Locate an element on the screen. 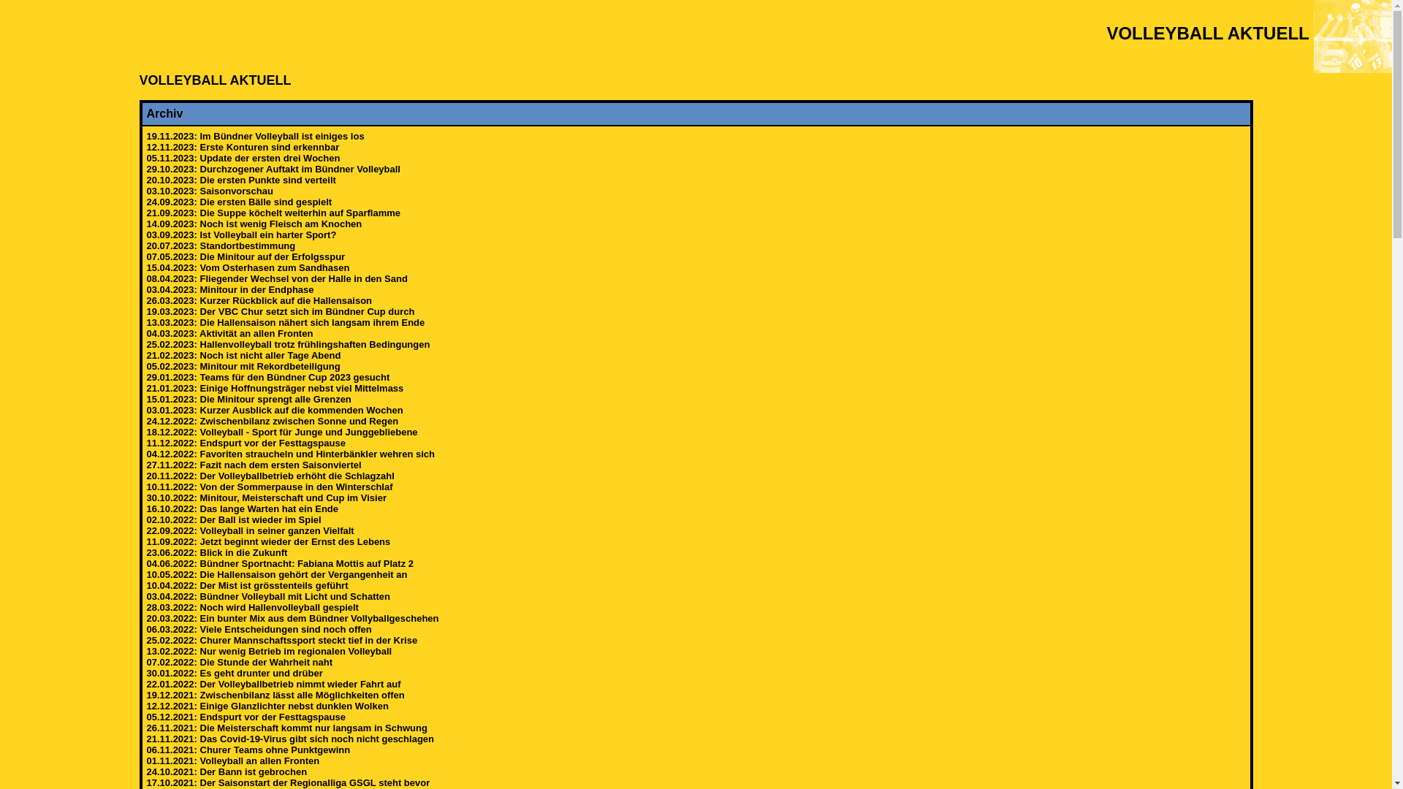 This screenshot has width=1403, height=789. '22.01.2022: Der Volleyballbetrieb nimmt wieder Fahrt auf' is located at coordinates (273, 684).